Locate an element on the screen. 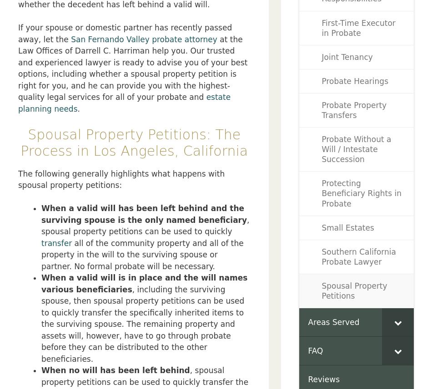 This screenshot has height=389, width=432. 'Joint Tenancy' is located at coordinates (347, 56).